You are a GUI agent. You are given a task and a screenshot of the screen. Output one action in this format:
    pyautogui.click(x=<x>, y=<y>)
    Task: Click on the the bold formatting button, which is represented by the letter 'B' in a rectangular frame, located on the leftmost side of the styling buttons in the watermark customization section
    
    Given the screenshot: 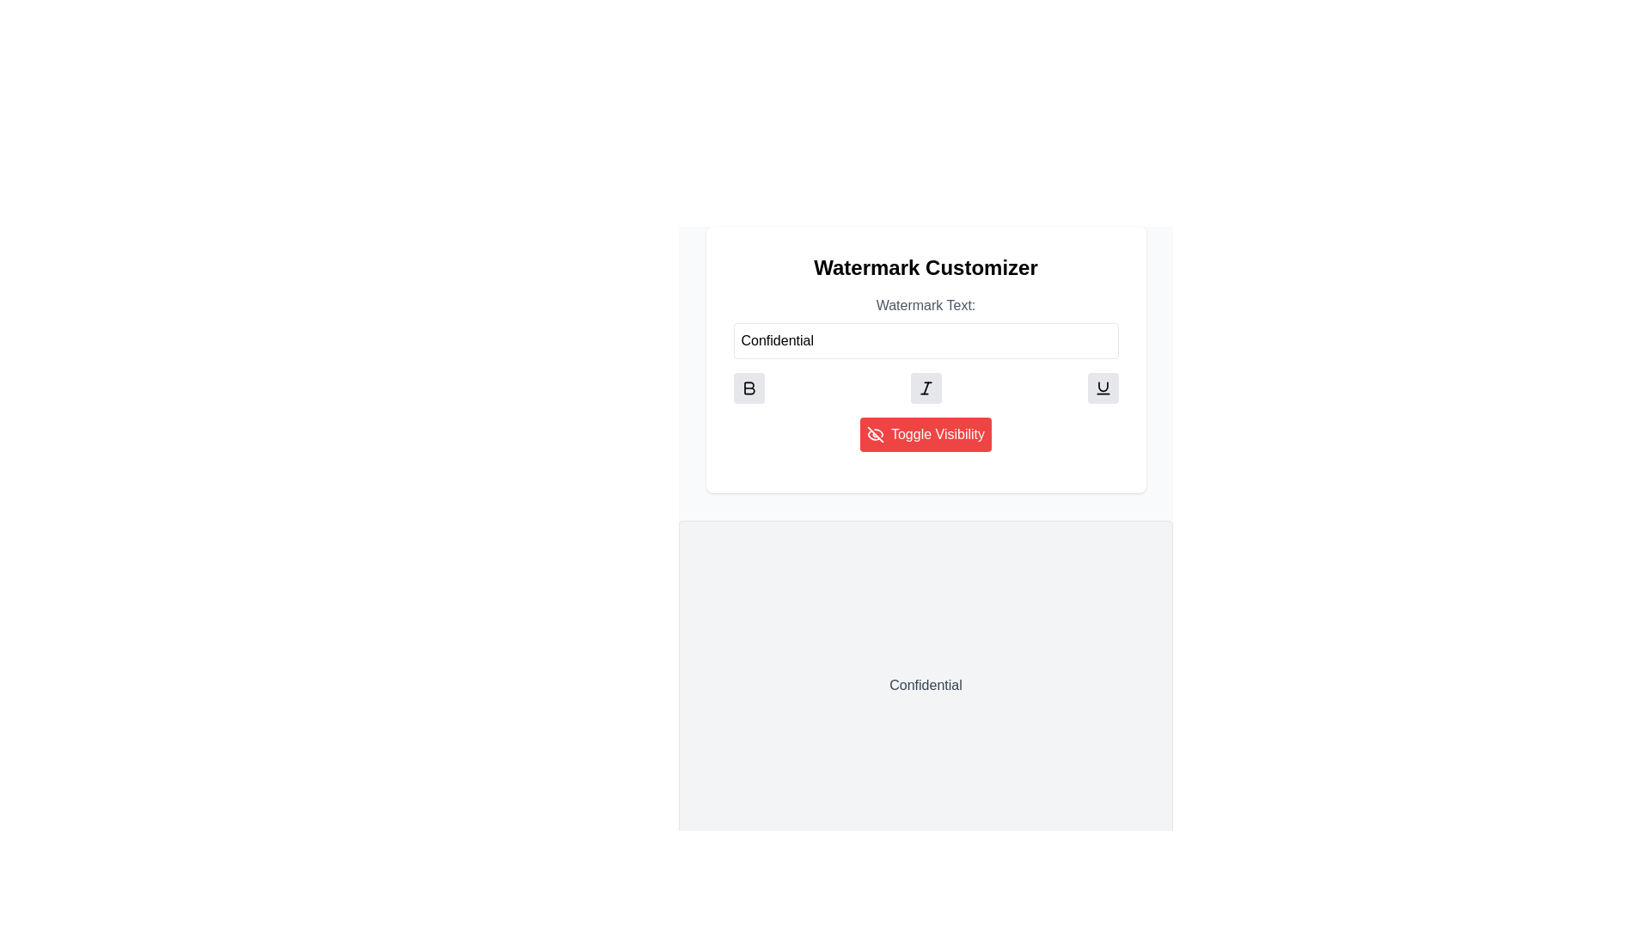 What is the action you would take?
    pyautogui.click(x=749, y=388)
    